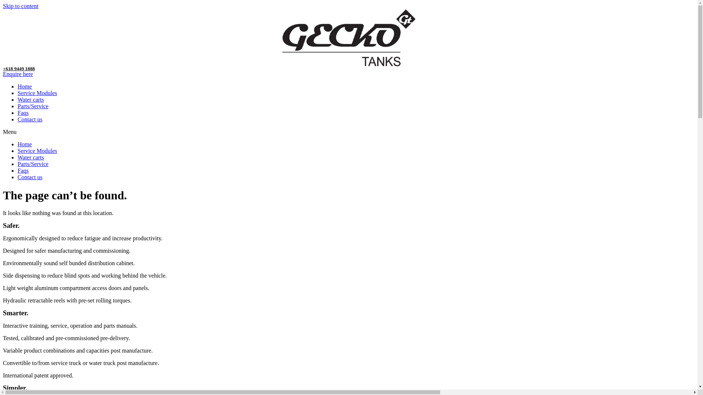 Image resolution: width=703 pixels, height=395 pixels. I want to click on 'Parts/Service', so click(18, 106).